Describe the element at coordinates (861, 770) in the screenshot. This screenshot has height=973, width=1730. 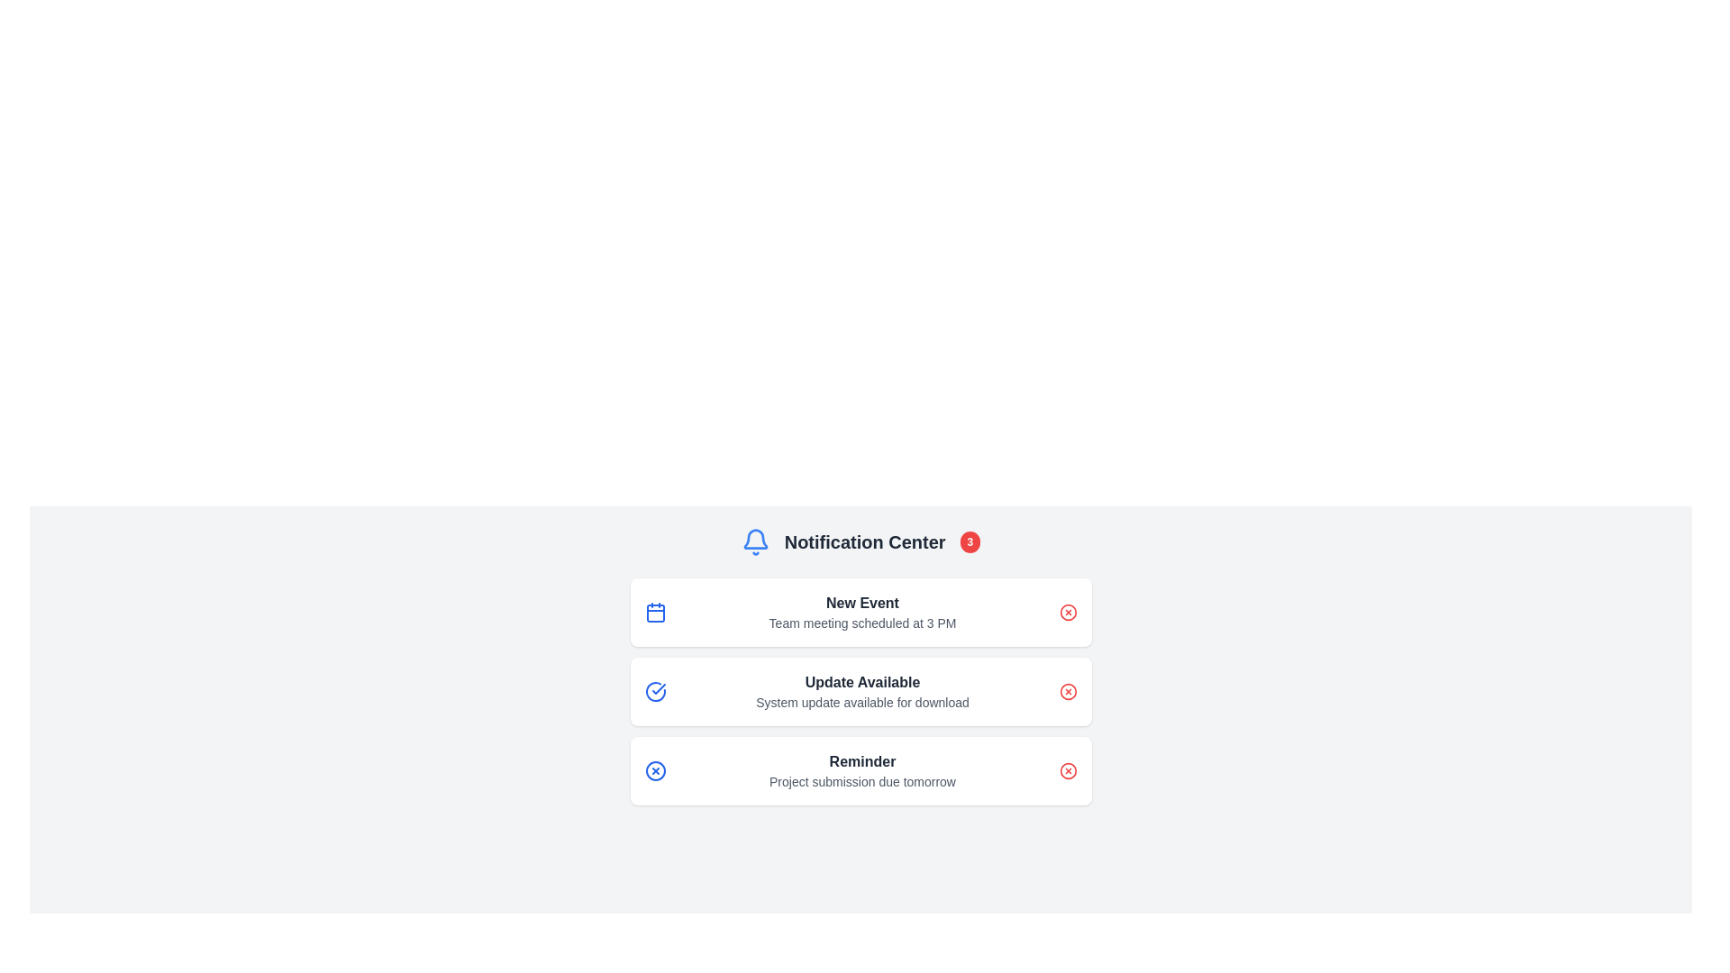
I see `the 'Reminder' text block within the third notification card under the 'Notification Center' heading, which contains the description 'Project submission due tomorrow'` at that location.